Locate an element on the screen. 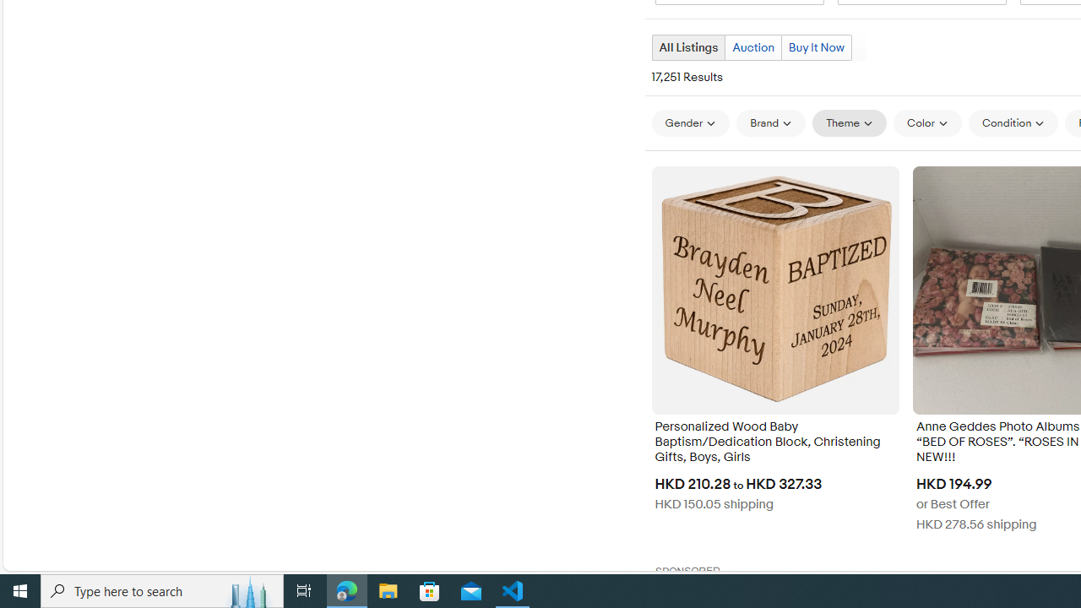 The image size is (1081, 608). 'Brand' is located at coordinates (770, 122).